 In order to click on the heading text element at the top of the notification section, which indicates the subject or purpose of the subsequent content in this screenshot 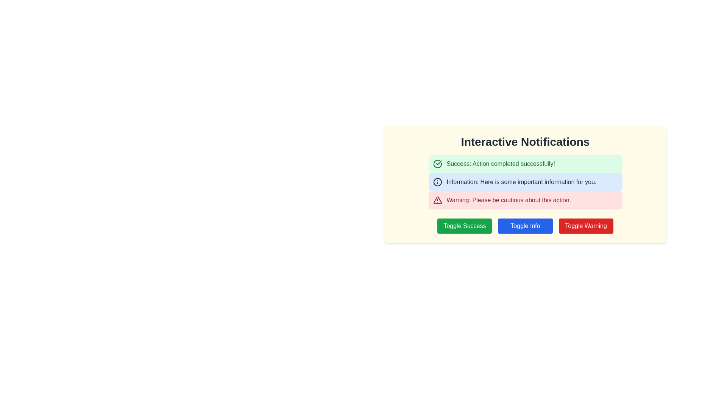, I will do `click(525, 142)`.